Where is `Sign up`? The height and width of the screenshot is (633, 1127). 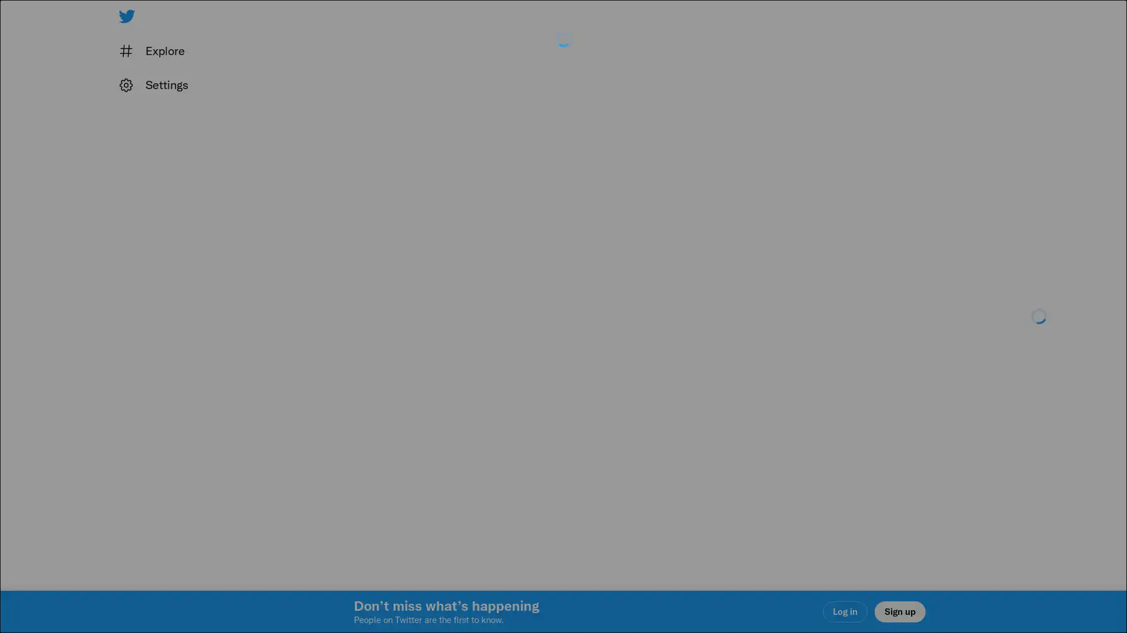
Sign up is located at coordinates (424, 399).